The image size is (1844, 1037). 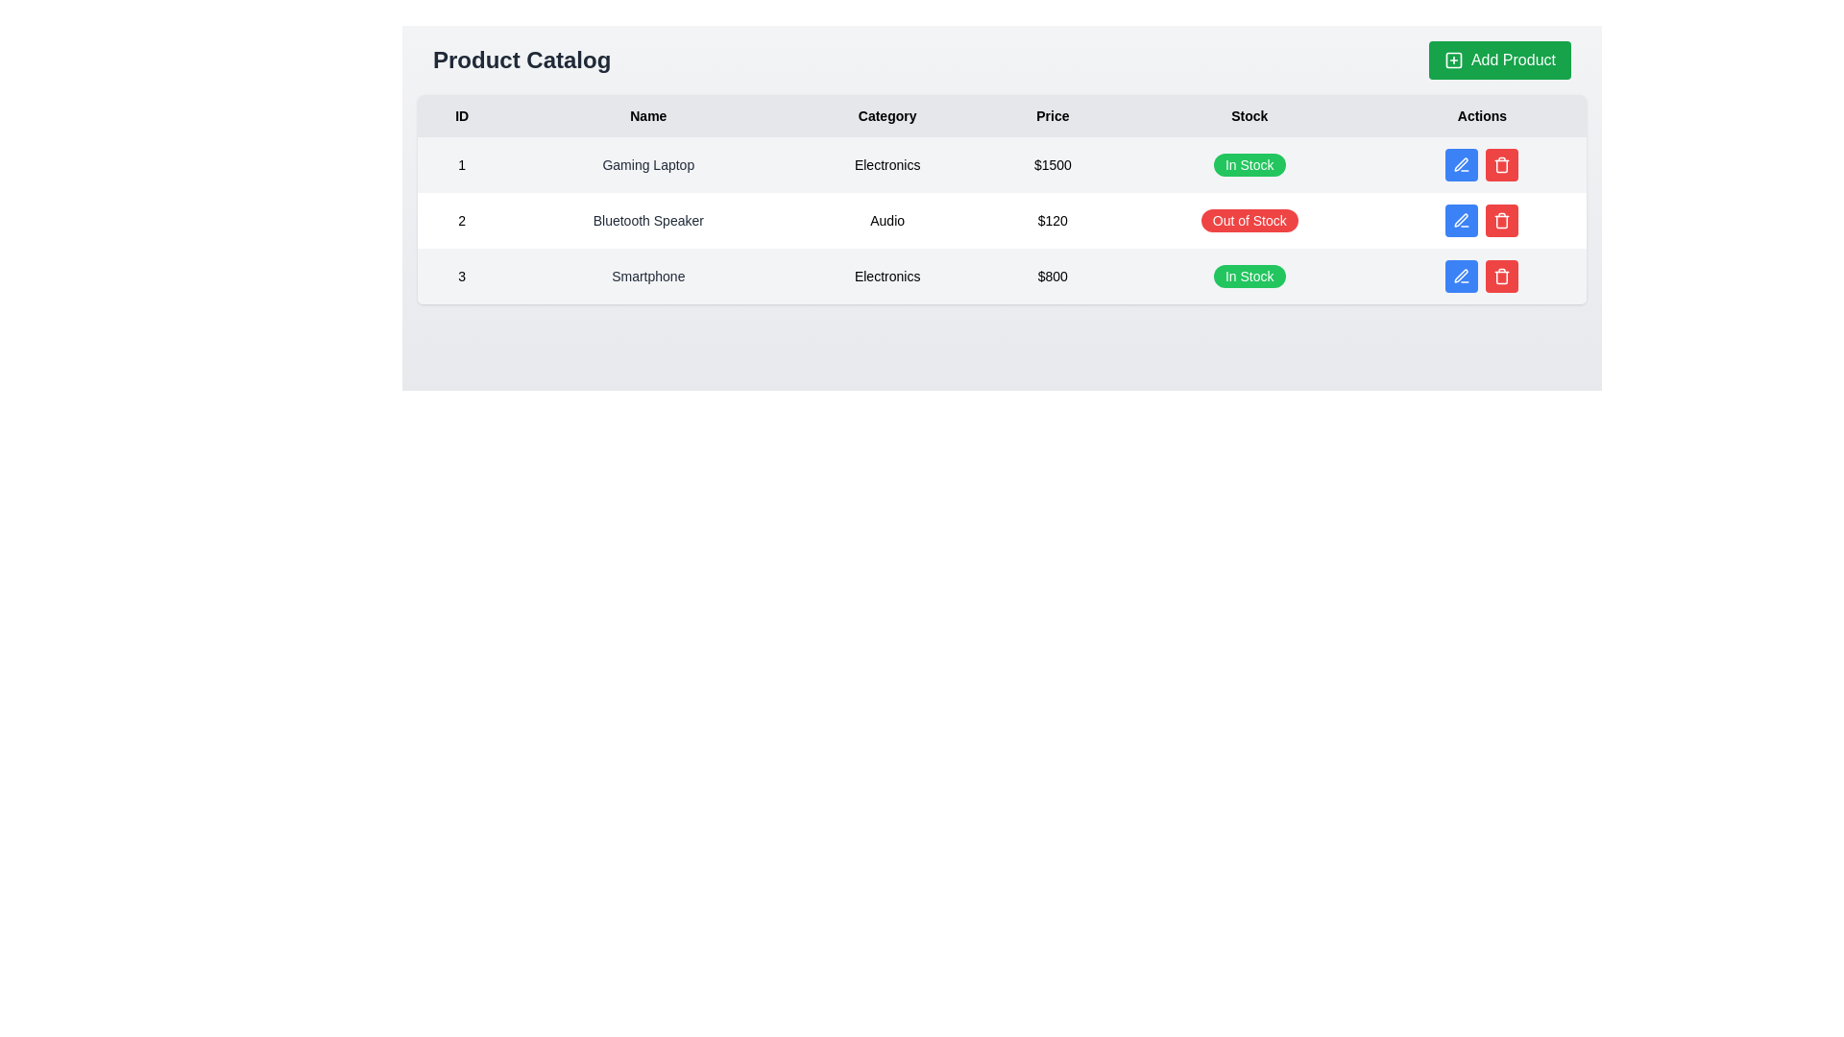 I want to click on the text identifier located in the second row and first column of the table, positioned below the numeric value '1' and to the left of 'Bluetooth Speaker.', so click(x=462, y=220).